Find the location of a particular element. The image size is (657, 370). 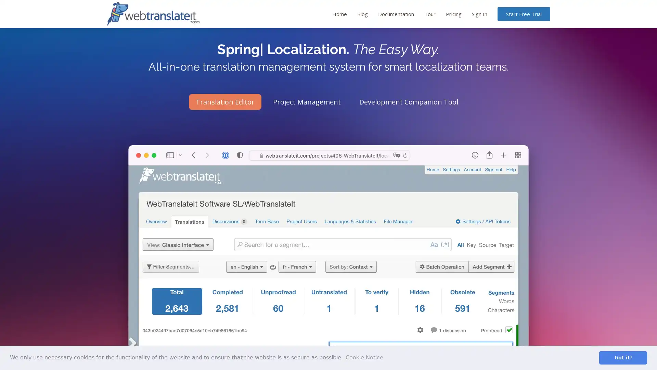

dismiss cookie message is located at coordinates (623, 357).